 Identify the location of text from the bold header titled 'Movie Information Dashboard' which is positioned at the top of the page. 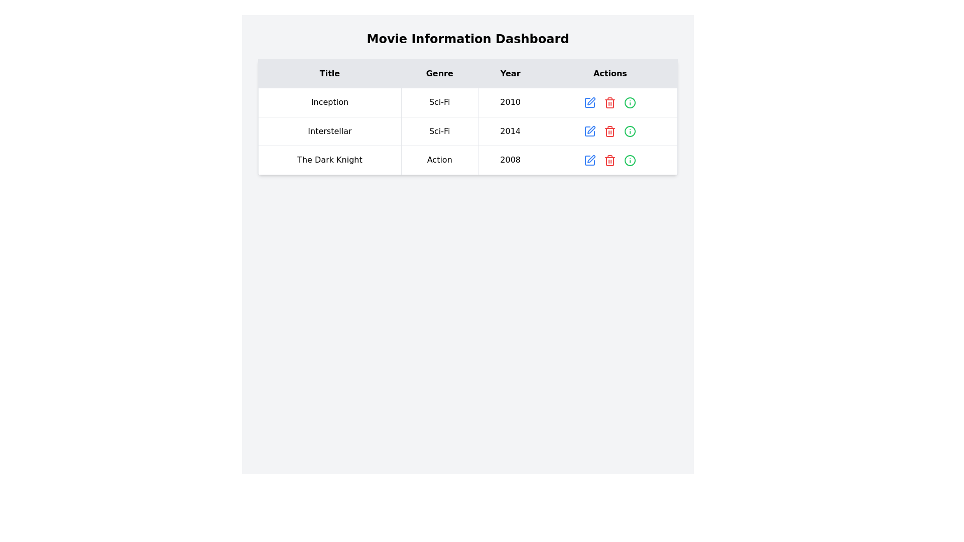
(467, 38).